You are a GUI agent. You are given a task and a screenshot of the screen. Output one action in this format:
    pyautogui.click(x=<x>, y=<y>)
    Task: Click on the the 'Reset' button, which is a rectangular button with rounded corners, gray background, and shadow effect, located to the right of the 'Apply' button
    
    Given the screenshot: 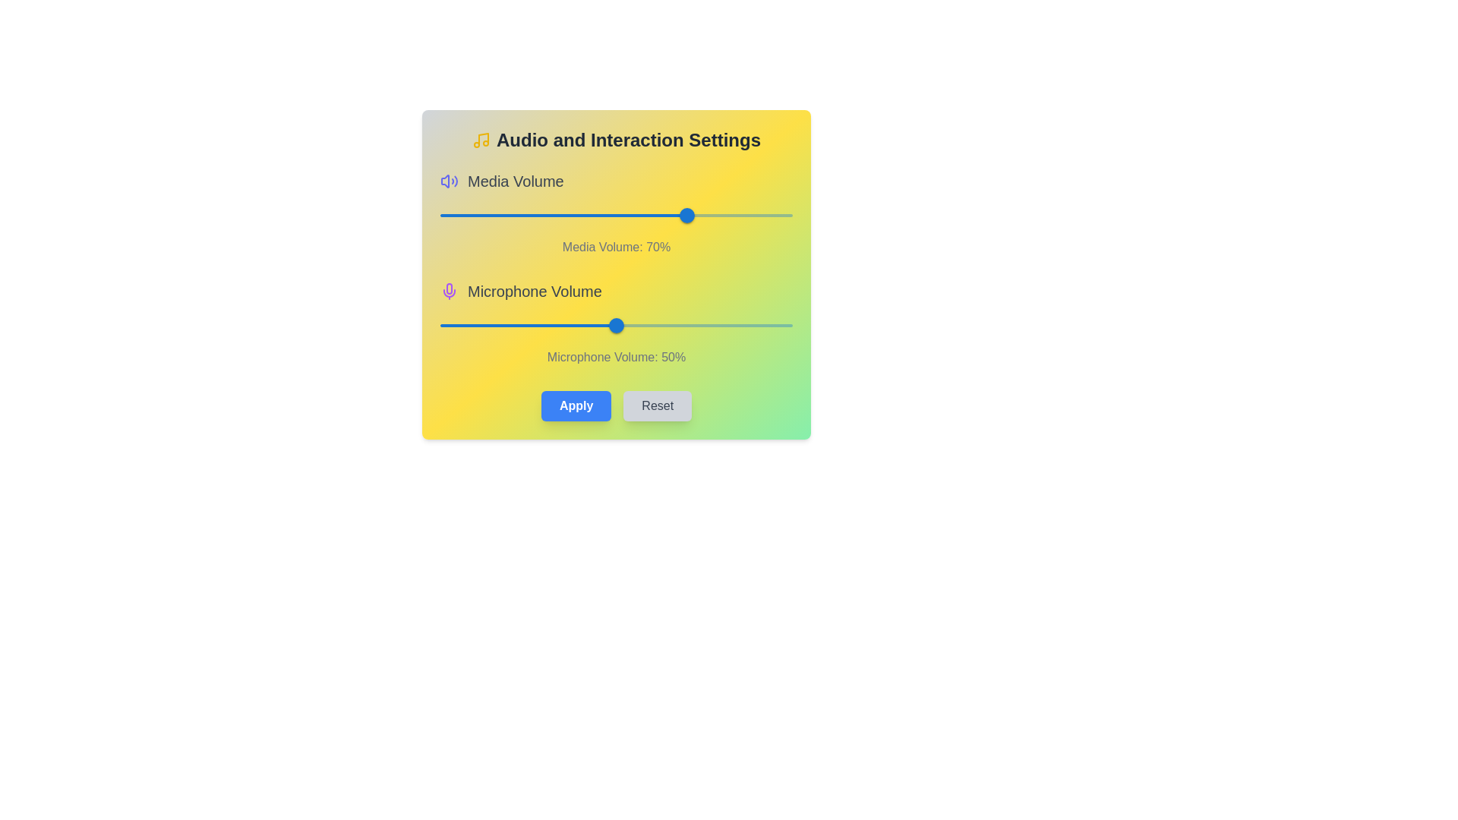 What is the action you would take?
    pyautogui.click(x=658, y=405)
    